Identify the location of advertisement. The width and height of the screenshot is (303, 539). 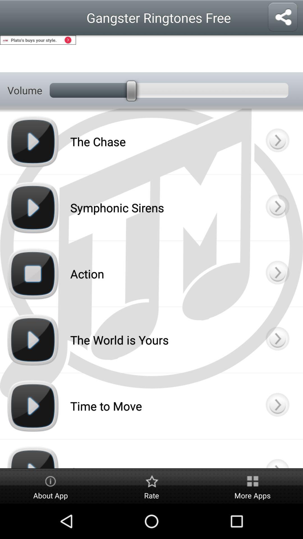
(151, 54).